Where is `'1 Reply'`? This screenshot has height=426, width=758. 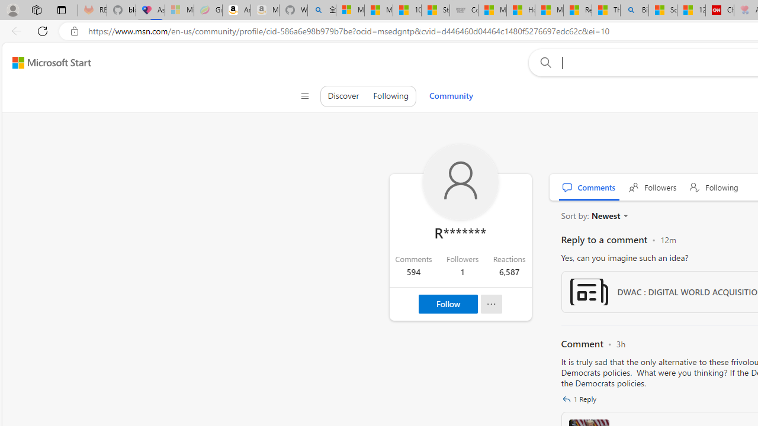 '1 Reply' is located at coordinates (581, 399).